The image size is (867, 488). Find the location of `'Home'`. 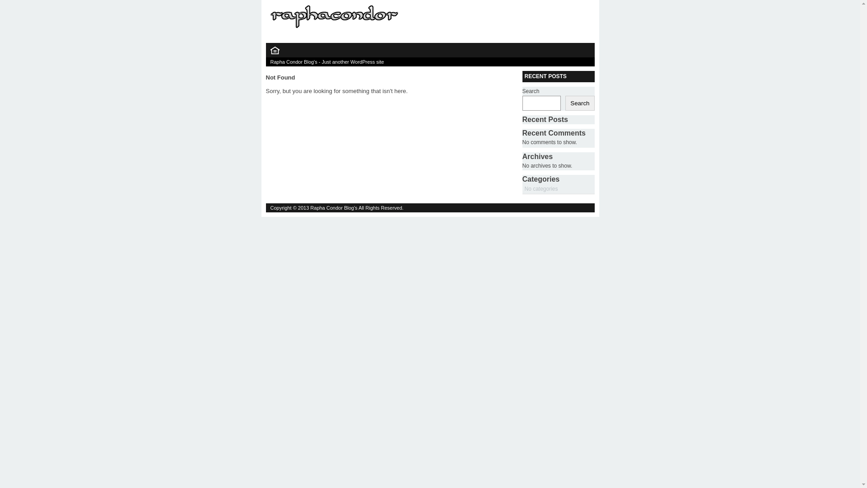

'Home' is located at coordinates (274, 52).